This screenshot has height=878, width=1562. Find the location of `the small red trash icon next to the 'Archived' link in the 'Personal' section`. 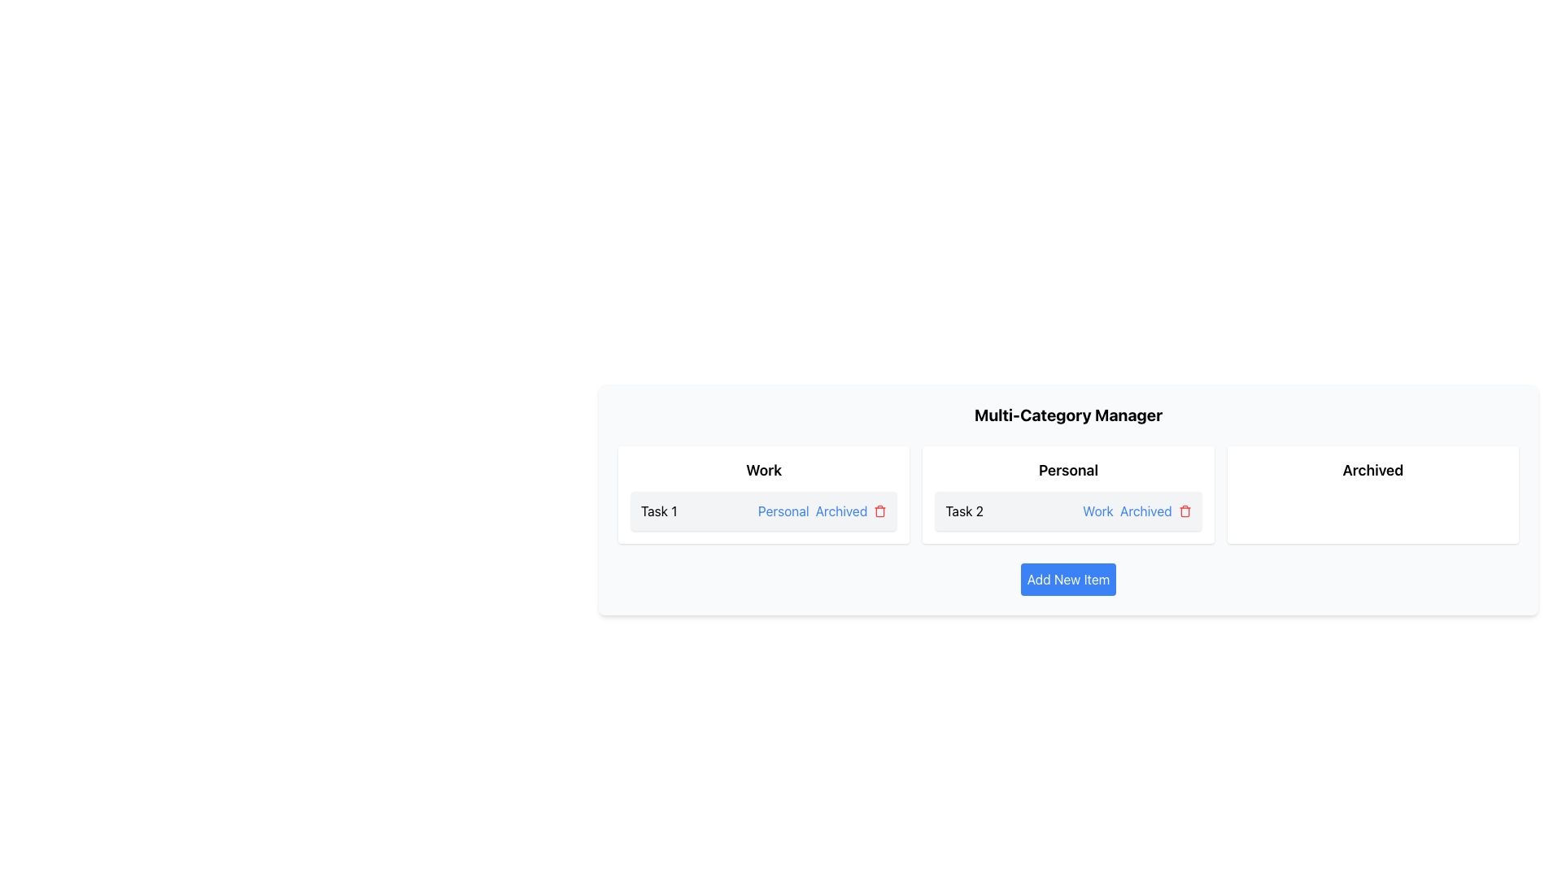

the small red trash icon next to the 'Archived' link in the 'Personal' section is located at coordinates (1185, 510).